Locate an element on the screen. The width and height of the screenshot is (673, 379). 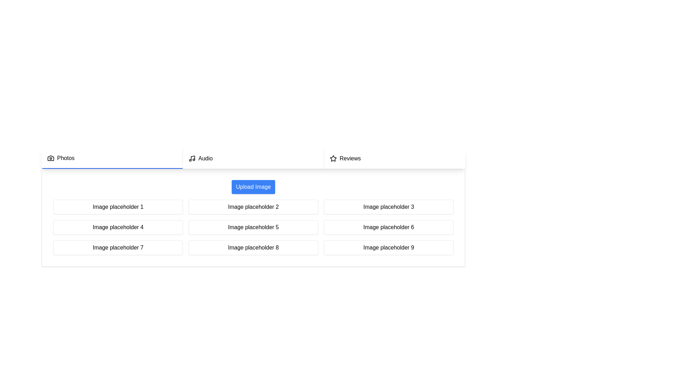
the Reviews tab in the navigation bar is located at coordinates (394, 158).